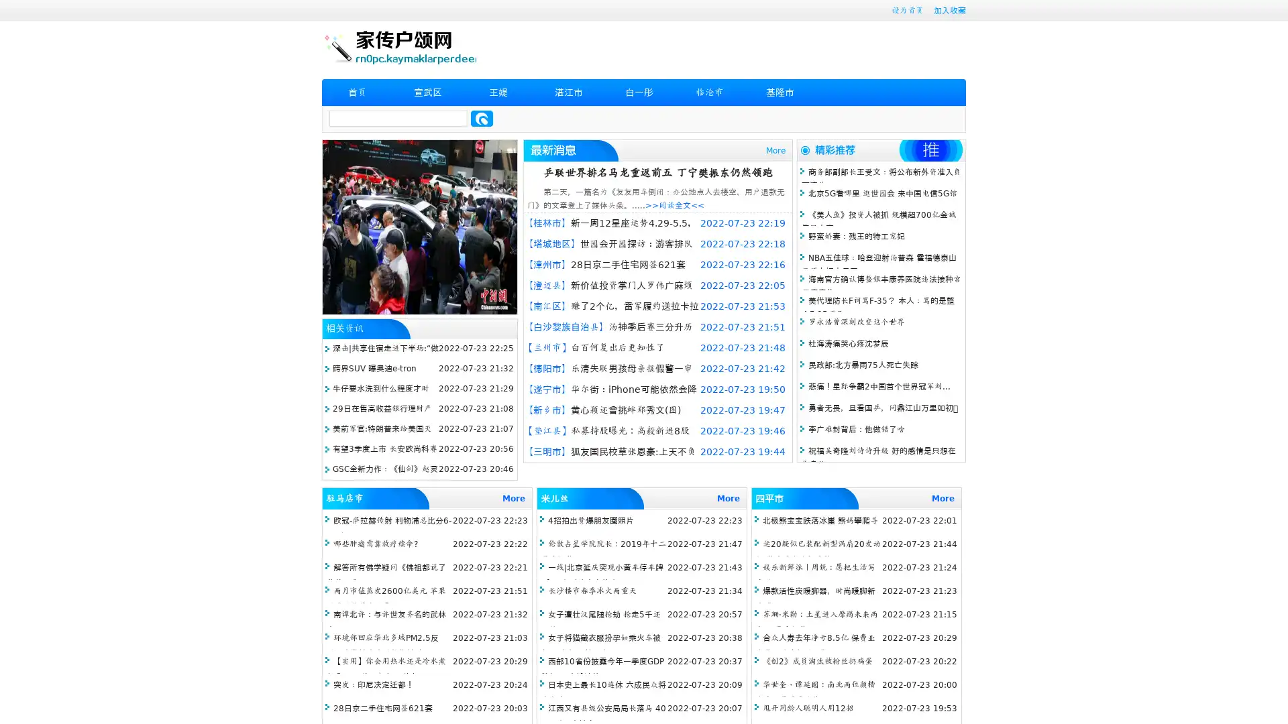 The image size is (1288, 724). I want to click on Search, so click(482, 118).